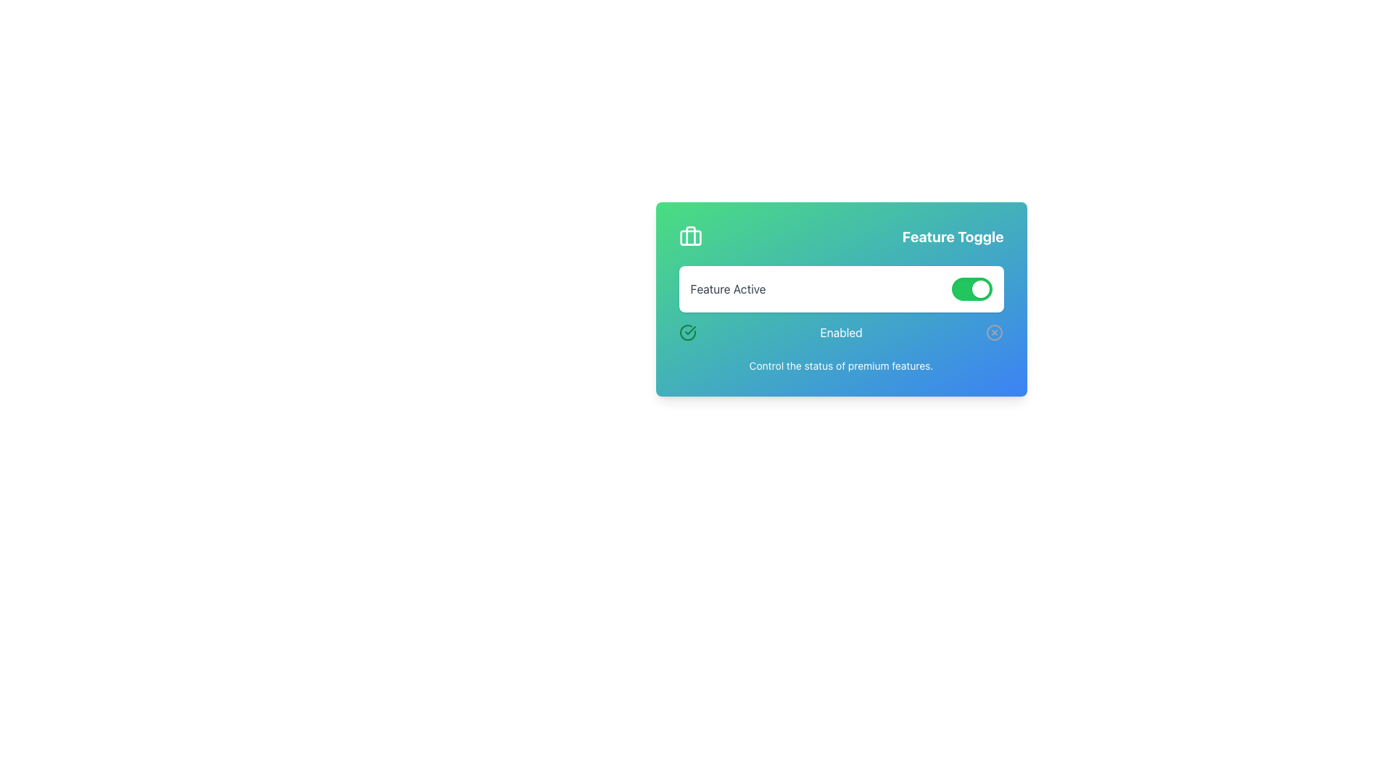 The height and width of the screenshot is (783, 1392). Describe the element at coordinates (980, 289) in the screenshot. I see `the small circular toggle switch knob, which is styled in white and located at the far-right side of the green toggle switch background, indicating the 'on' state` at that location.